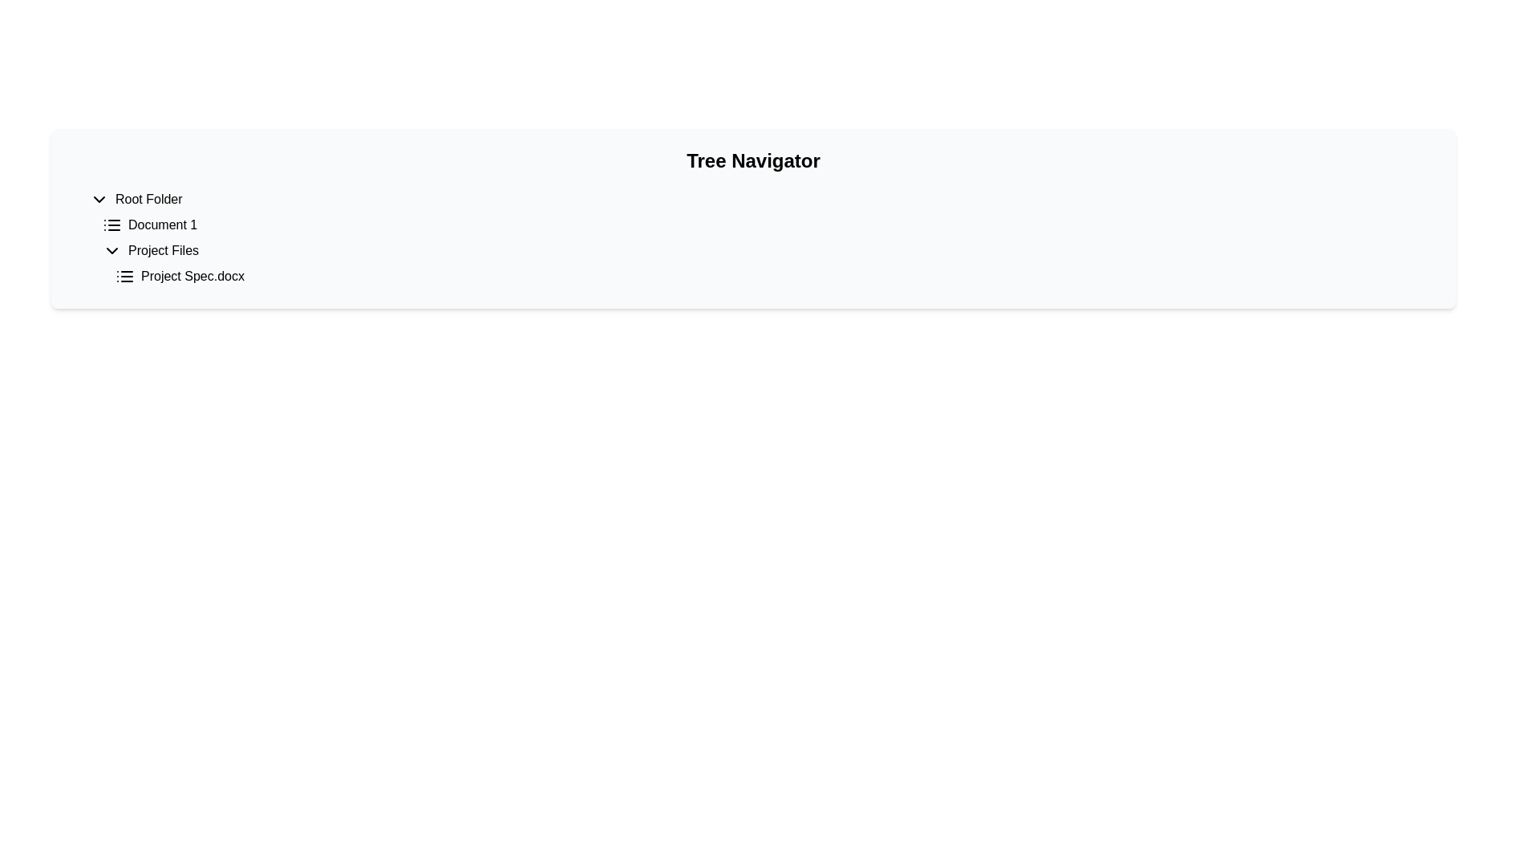 This screenshot has height=866, width=1540. Describe the element at coordinates (124, 275) in the screenshot. I see `the bulleted list icon located to the left of the 'Project Spec.docx' label` at that location.